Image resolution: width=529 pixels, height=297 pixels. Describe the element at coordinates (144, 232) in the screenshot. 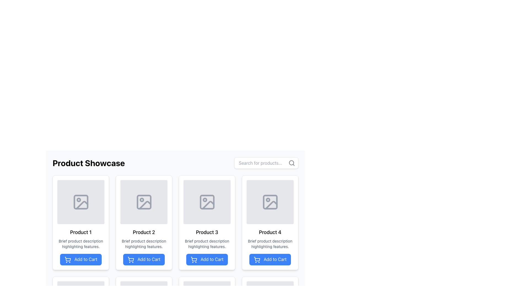

I see `the product title text label located in the second product card from the left at the top row of the product grid` at that location.